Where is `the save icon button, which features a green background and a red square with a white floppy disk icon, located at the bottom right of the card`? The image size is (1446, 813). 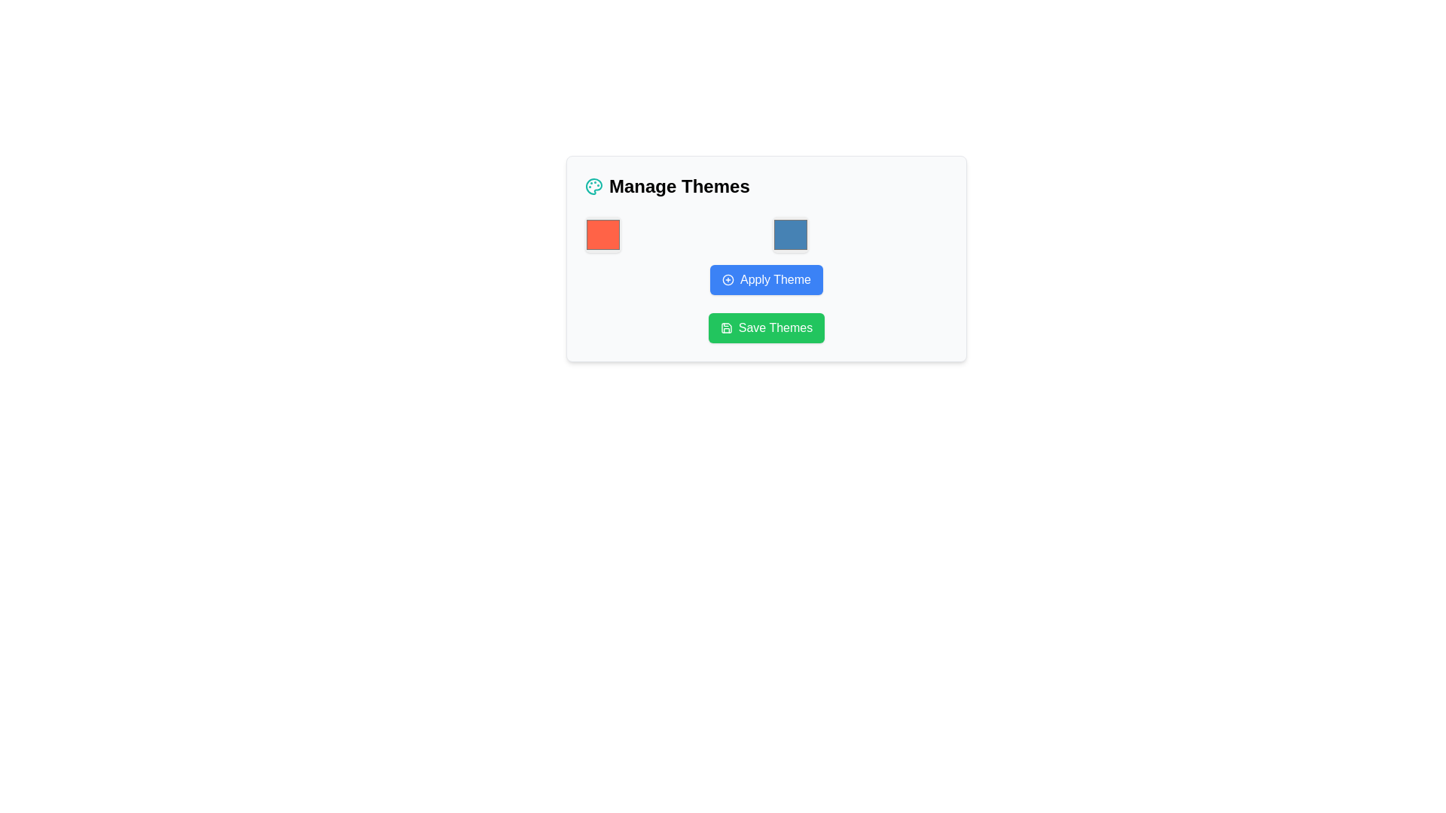 the save icon button, which features a green background and a red square with a white floppy disk icon, located at the bottom right of the card is located at coordinates (726, 327).